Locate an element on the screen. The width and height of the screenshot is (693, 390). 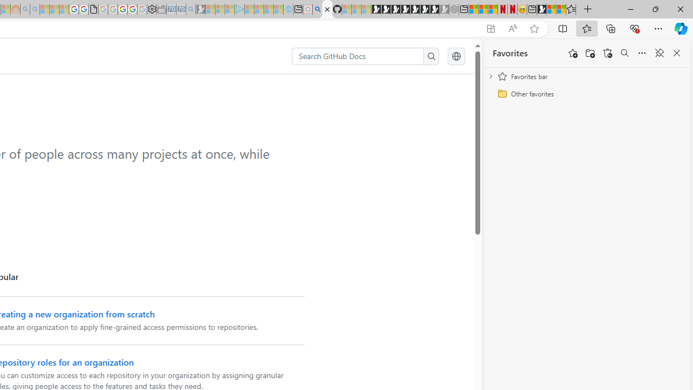
'Wildlife - MSN' is located at coordinates (551, 9).